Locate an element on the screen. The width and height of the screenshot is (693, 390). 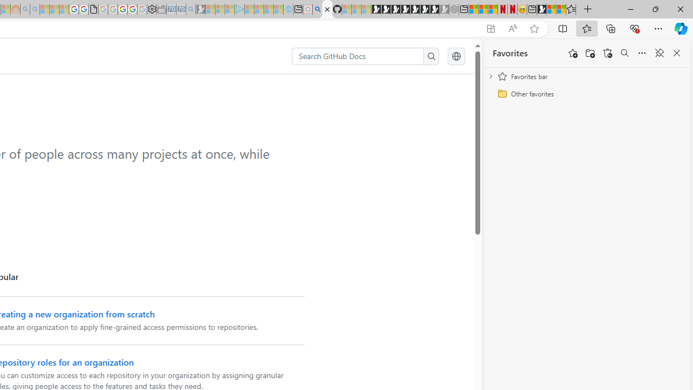
'Wildlife - MSN' is located at coordinates (551, 9).